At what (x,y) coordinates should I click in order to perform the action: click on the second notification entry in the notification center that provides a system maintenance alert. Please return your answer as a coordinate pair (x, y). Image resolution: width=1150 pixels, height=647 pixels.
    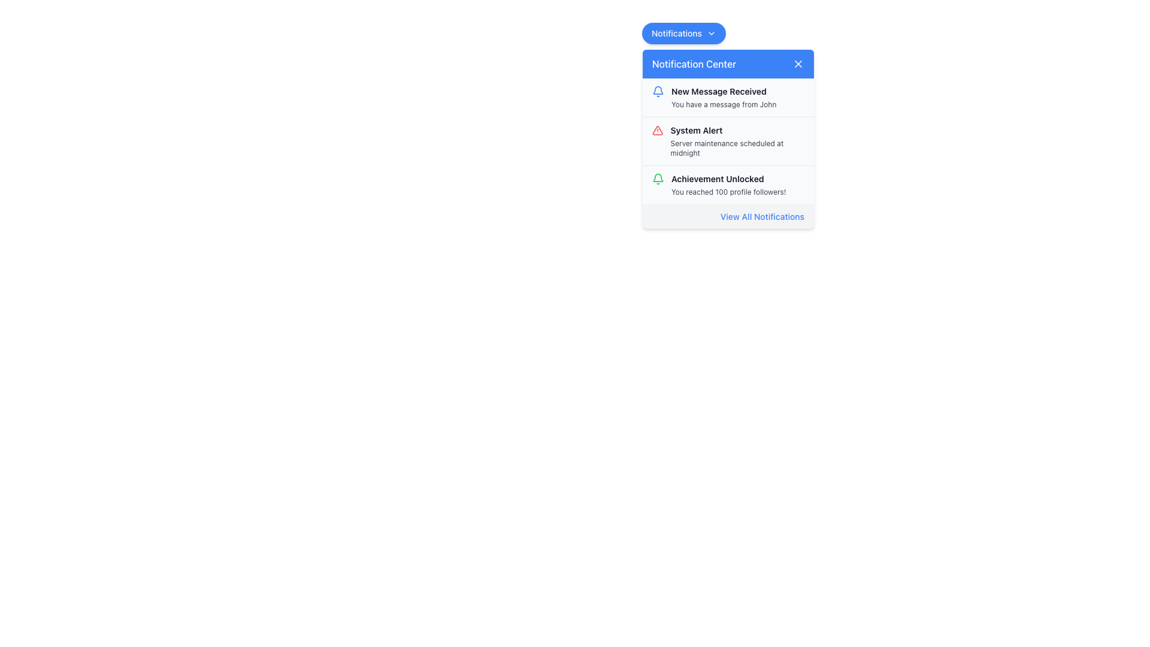
    Looking at the image, I should click on (727, 140).